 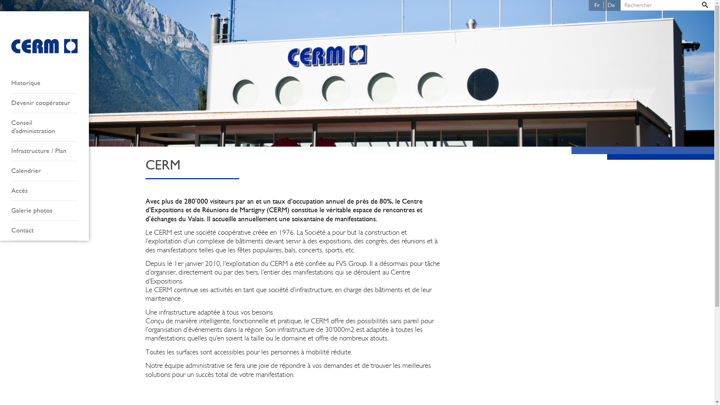 I want to click on 'Galerie photos', so click(x=44, y=211).